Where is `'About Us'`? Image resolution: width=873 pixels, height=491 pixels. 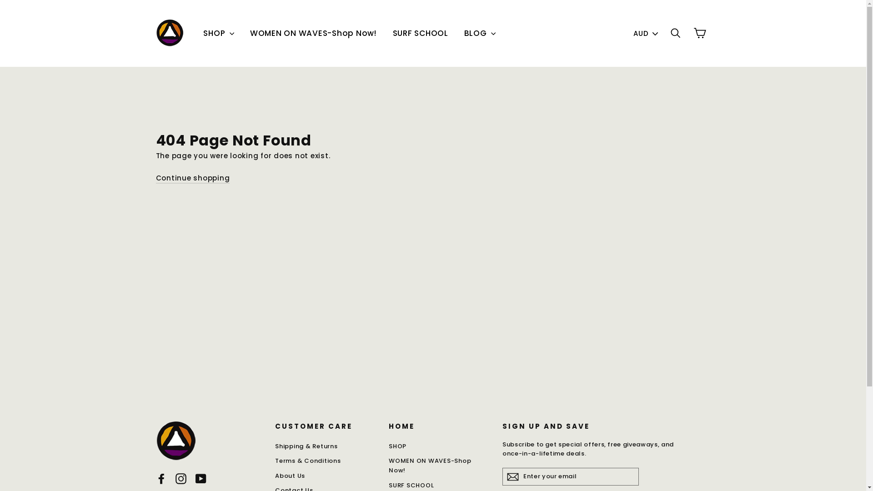 'About Us' is located at coordinates (274, 476).